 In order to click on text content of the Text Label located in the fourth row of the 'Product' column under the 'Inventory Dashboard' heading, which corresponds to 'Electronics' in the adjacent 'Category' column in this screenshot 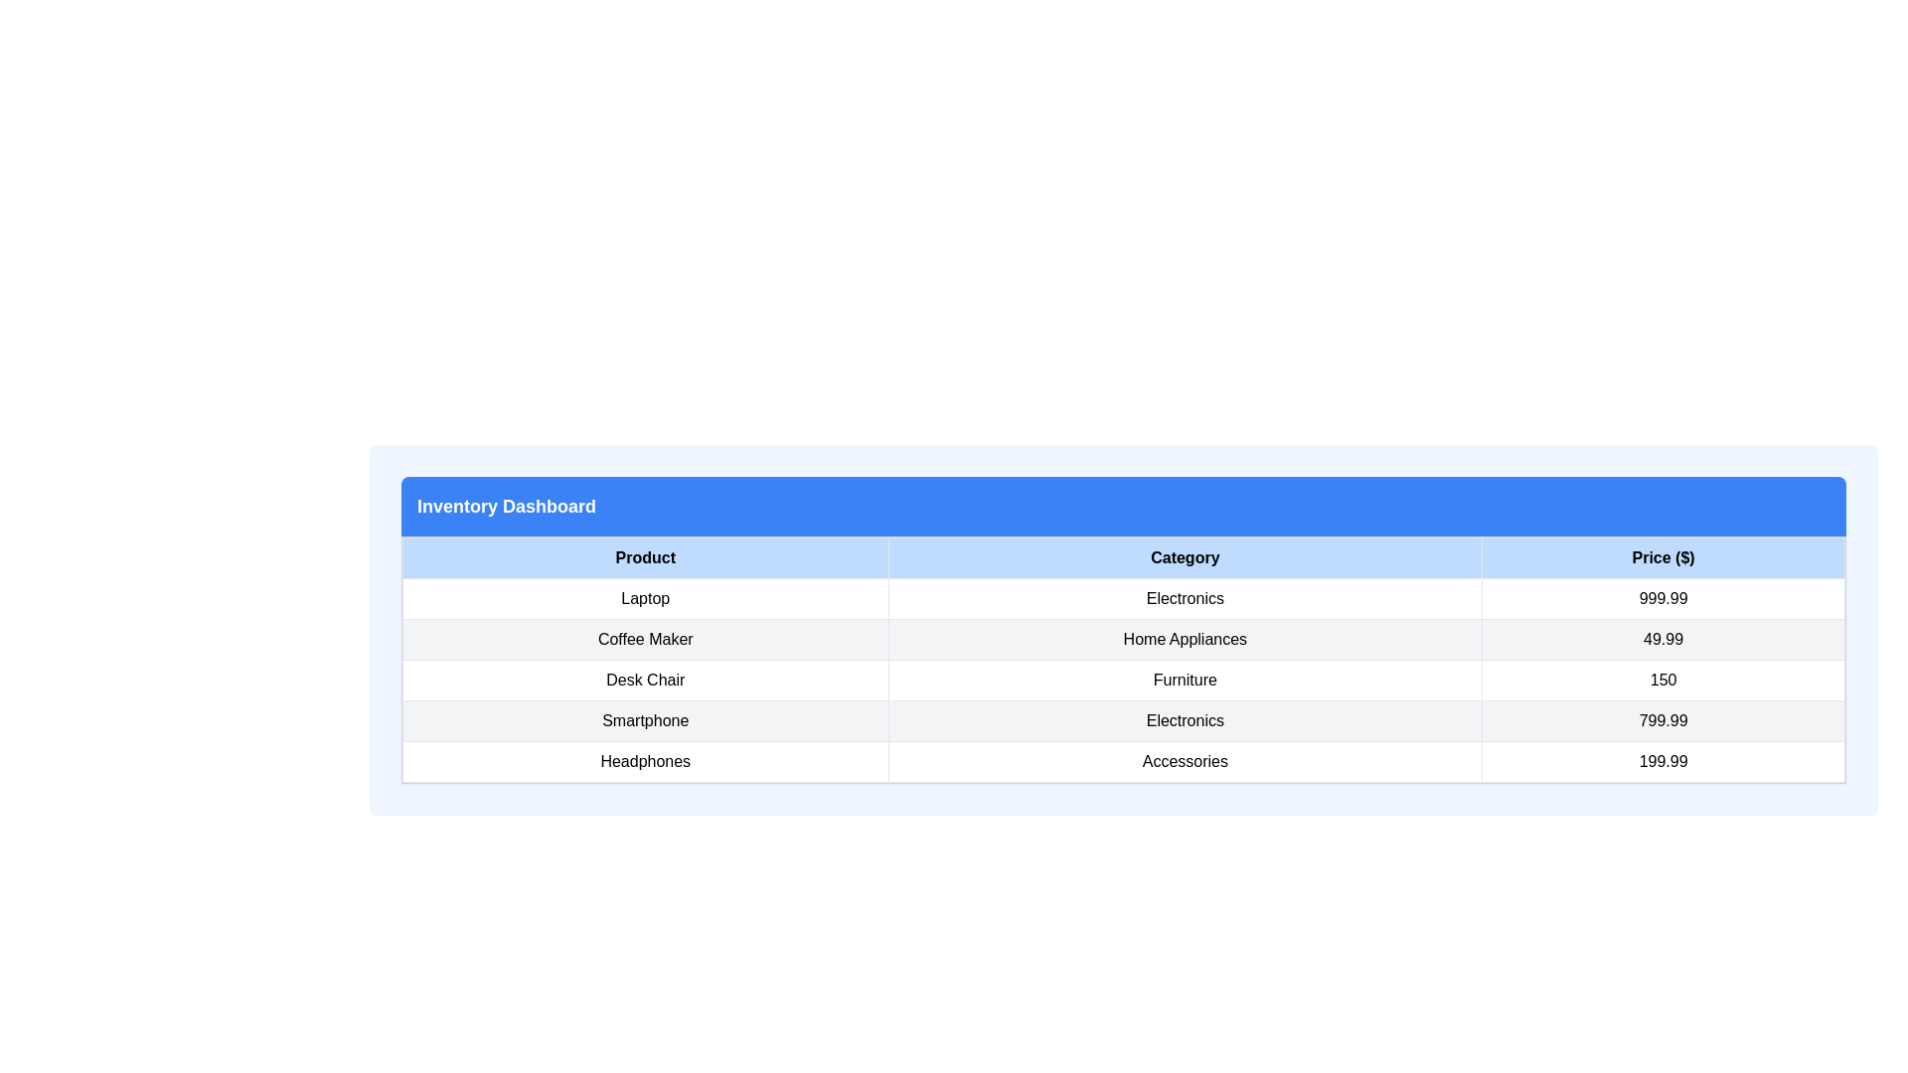, I will do `click(645, 720)`.